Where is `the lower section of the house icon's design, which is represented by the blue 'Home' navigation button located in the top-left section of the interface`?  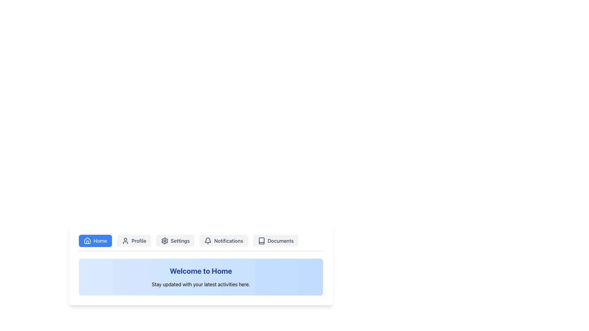
the lower section of the house icon's design, which is represented by the blue 'Home' navigation button located in the top-left section of the interface is located at coordinates (87, 242).